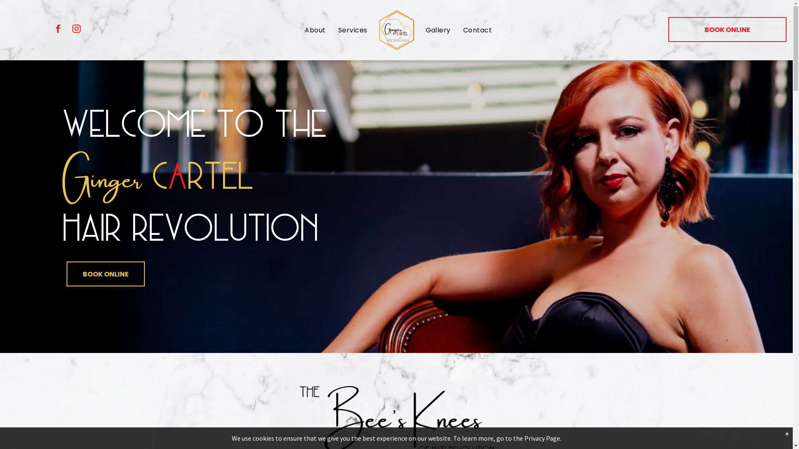 This screenshot has width=799, height=449. I want to click on 'Contact', so click(477, 30).